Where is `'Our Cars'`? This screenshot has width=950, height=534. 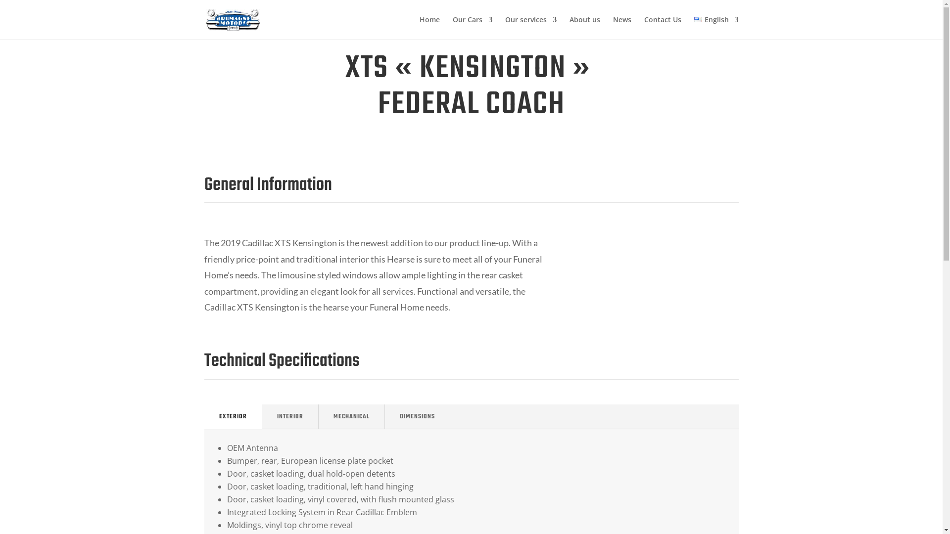 'Our Cars' is located at coordinates (472, 27).